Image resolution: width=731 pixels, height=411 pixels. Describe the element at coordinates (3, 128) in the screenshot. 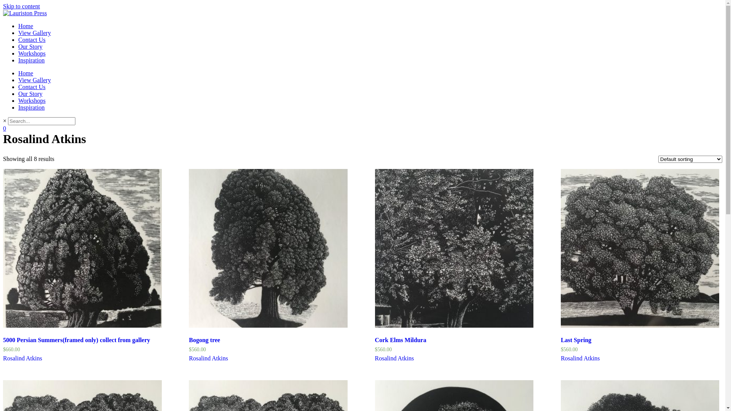

I see `'0'` at that location.